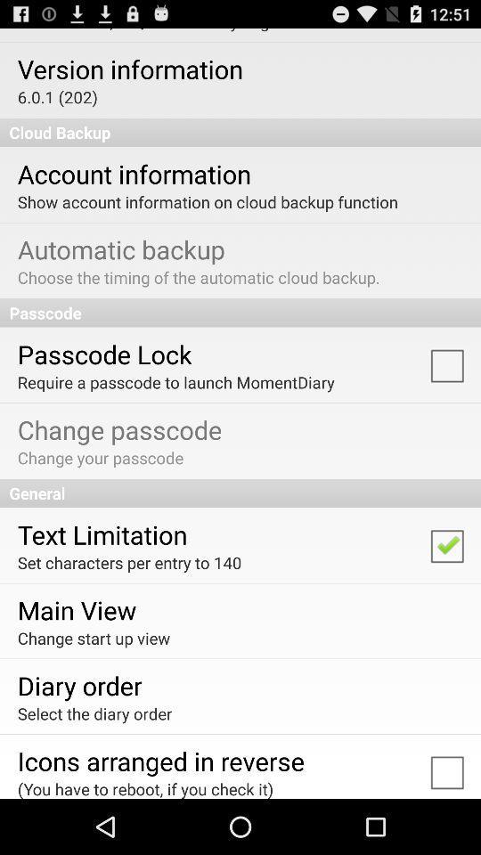 This screenshot has width=481, height=855. Describe the element at coordinates (175, 382) in the screenshot. I see `the require a passcode` at that location.